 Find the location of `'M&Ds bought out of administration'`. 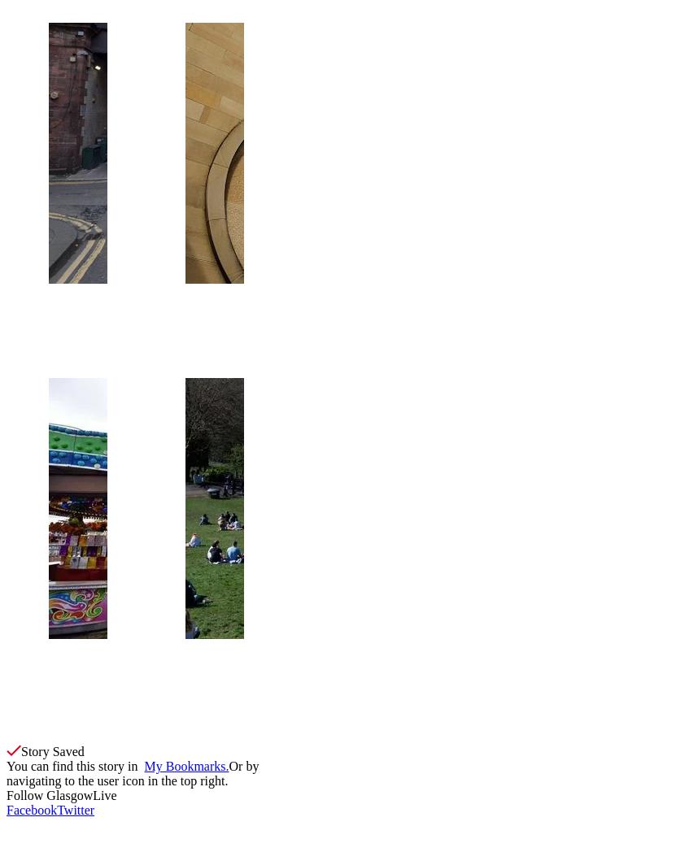

'M&Ds bought out of administration' is located at coordinates (84, 673).